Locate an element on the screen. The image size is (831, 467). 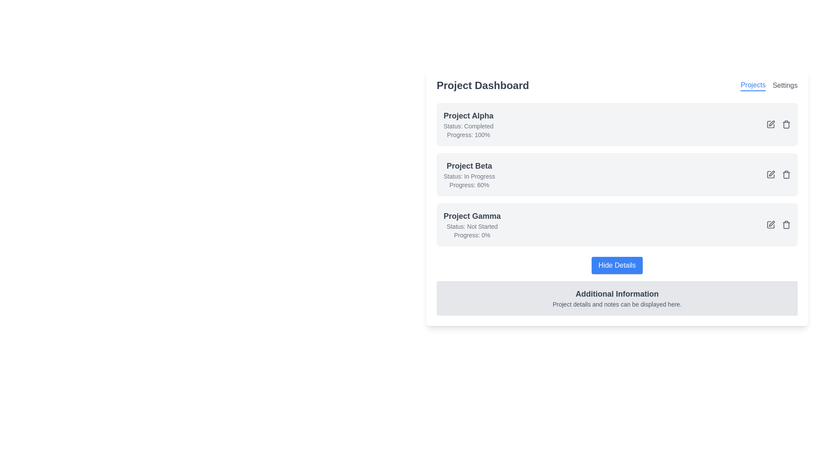
the top left portion of the 'square and pen' icon representing 'edit' in the 'Project Alpha' section of the 'Project Dashboard' is located at coordinates (770, 125).